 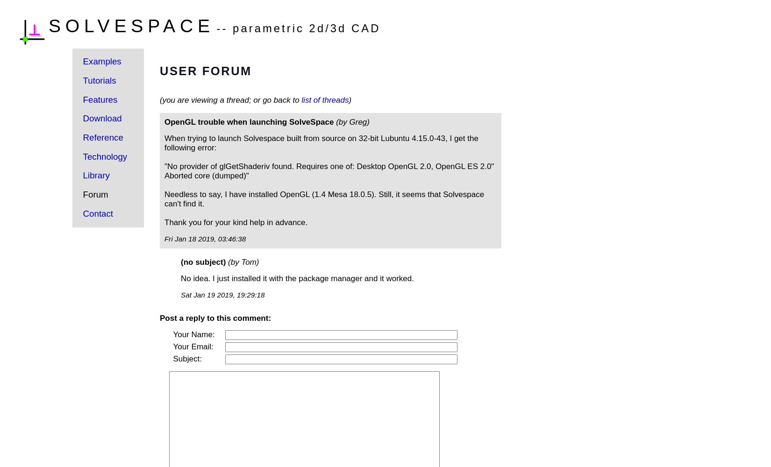 I want to click on '(no subject)', so click(x=180, y=262).